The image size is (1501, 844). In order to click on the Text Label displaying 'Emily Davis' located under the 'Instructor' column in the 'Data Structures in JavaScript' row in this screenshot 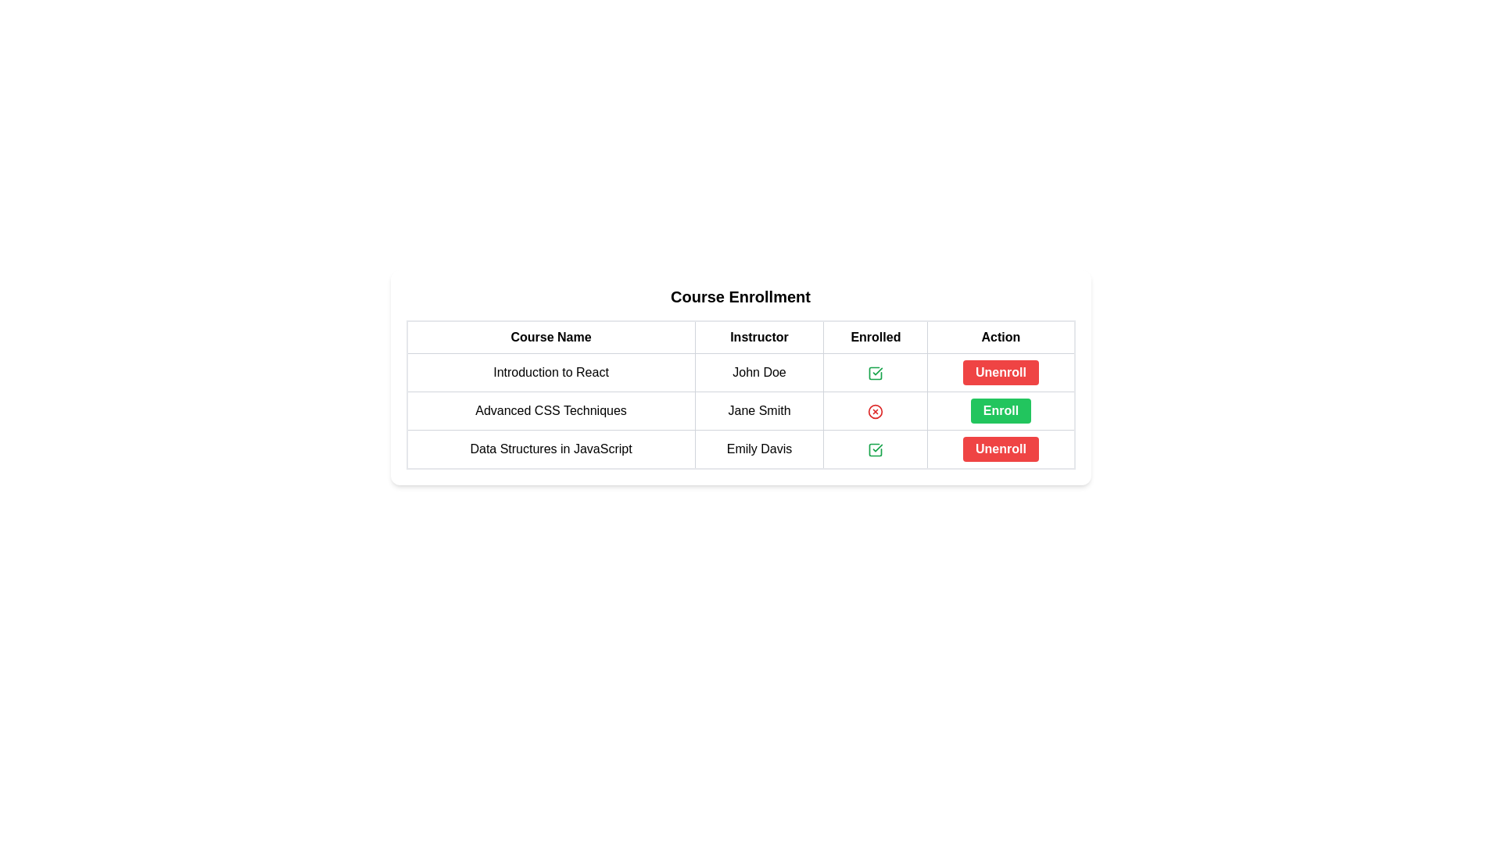, I will do `click(759, 449)`.